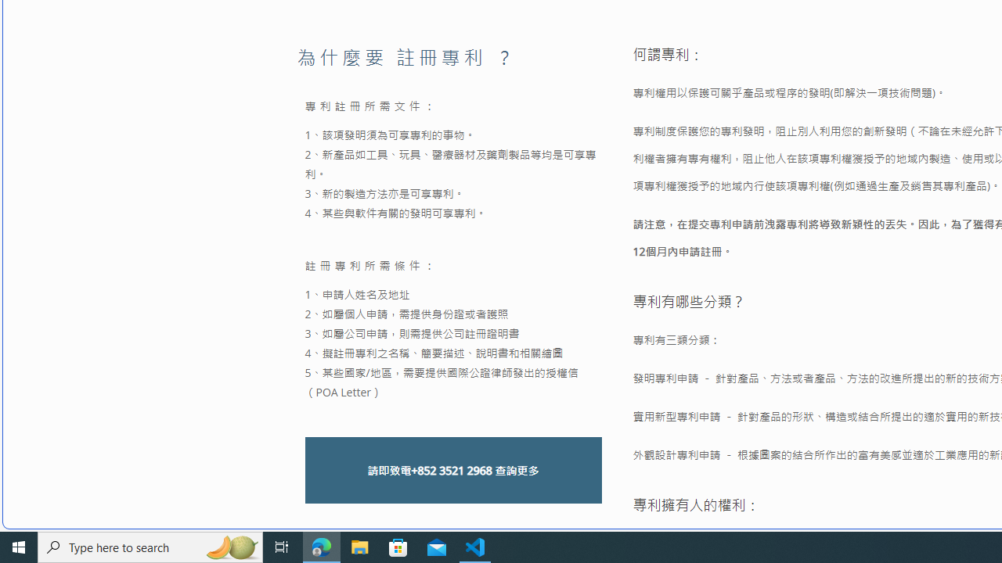 This screenshot has width=1002, height=563. I want to click on '+852 3521 2968', so click(450, 469).